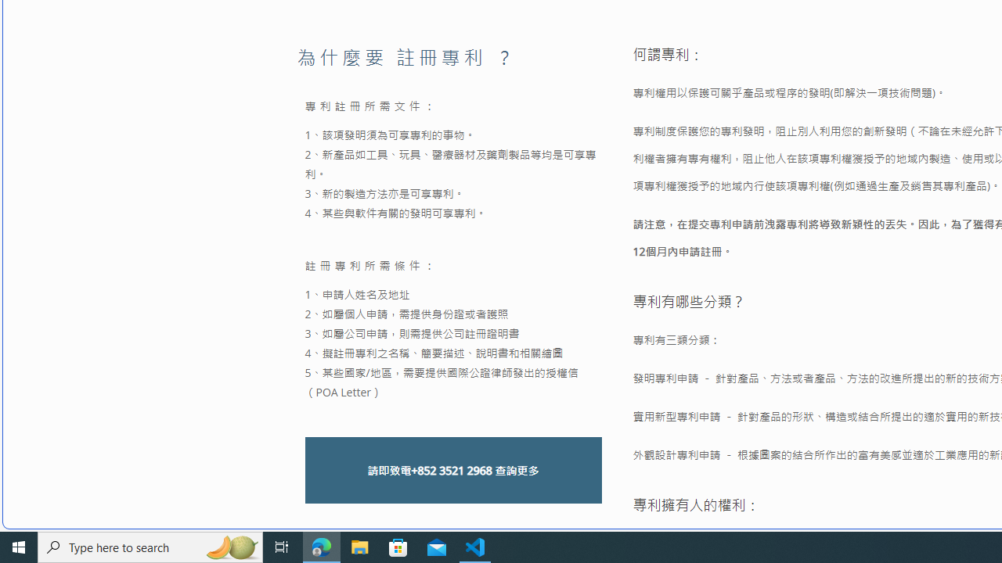 This screenshot has width=1002, height=563. I want to click on '+852 3521 2968', so click(450, 469).